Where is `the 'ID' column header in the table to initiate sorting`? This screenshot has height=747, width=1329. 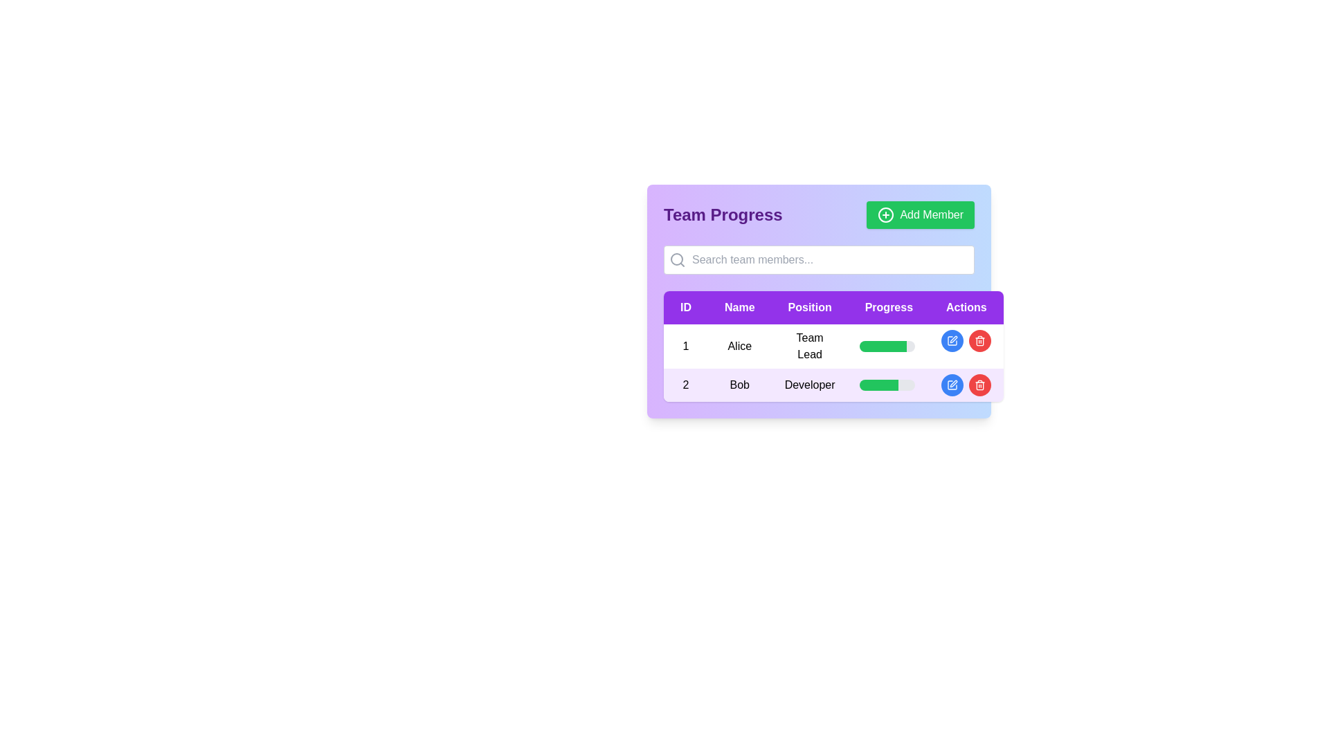 the 'ID' column header in the table to initiate sorting is located at coordinates (685, 306).